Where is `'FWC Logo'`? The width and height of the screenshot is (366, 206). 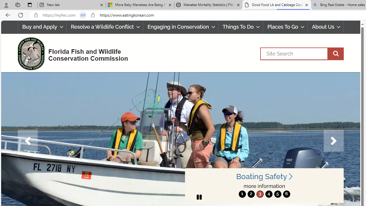 'FWC Logo' is located at coordinates (31, 54).